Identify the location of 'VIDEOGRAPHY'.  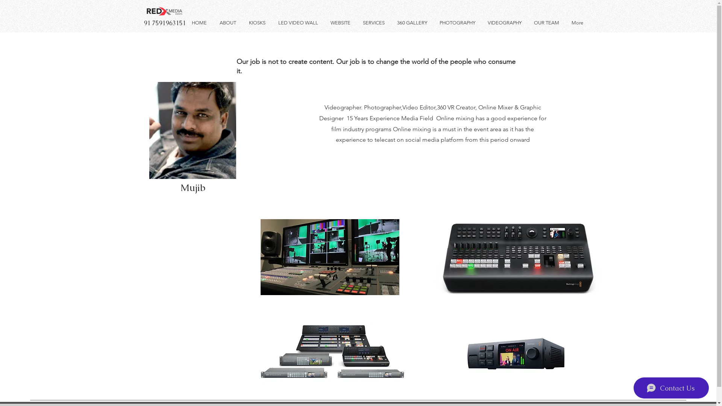
(505, 23).